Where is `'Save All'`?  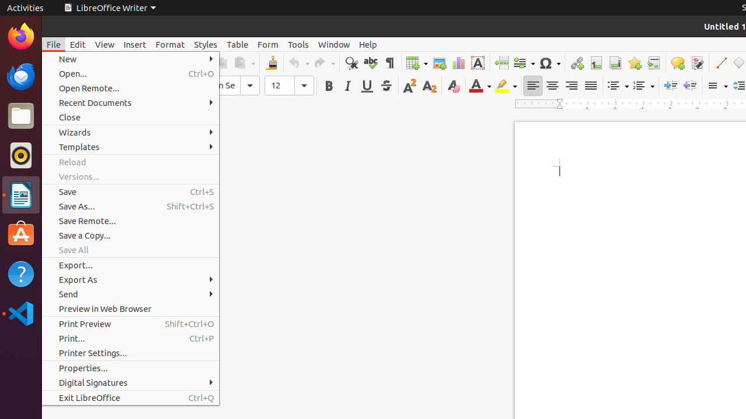 'Save All' is located at coordinates (131, 249).